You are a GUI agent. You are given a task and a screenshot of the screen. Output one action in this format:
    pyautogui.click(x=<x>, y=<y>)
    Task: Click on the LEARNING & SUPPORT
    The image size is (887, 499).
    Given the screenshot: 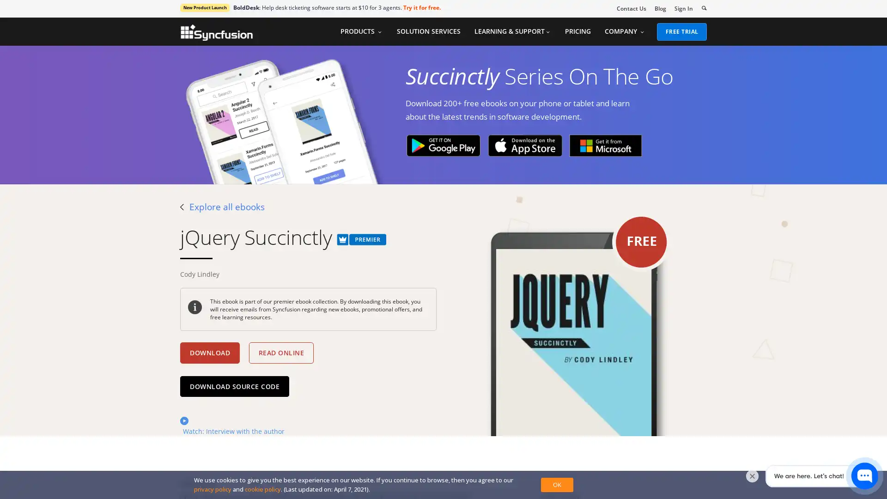 What is the action you would take?
    pyautogui.click(x=511, y=31)
    